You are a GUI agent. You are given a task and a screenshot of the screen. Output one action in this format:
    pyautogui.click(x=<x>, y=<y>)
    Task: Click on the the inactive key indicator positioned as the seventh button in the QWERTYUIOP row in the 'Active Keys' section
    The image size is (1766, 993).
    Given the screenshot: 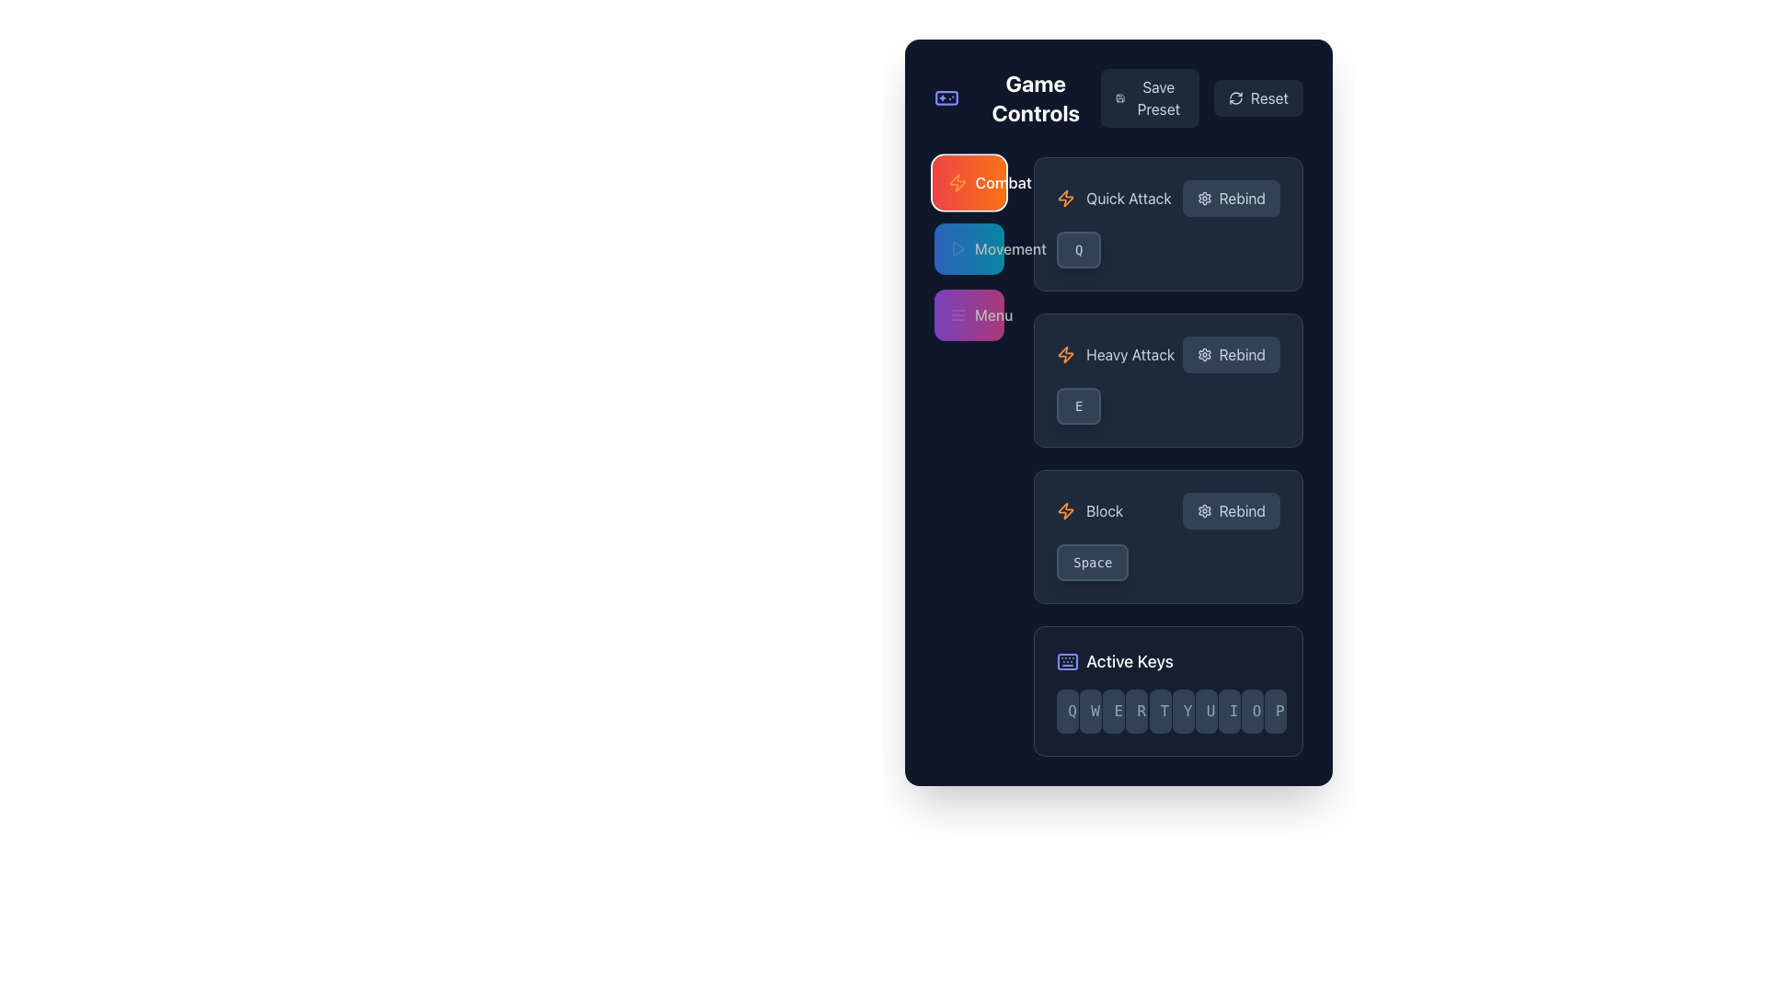 What is the action you would take?
    pyautogui.click(x=1206, y=711)
    